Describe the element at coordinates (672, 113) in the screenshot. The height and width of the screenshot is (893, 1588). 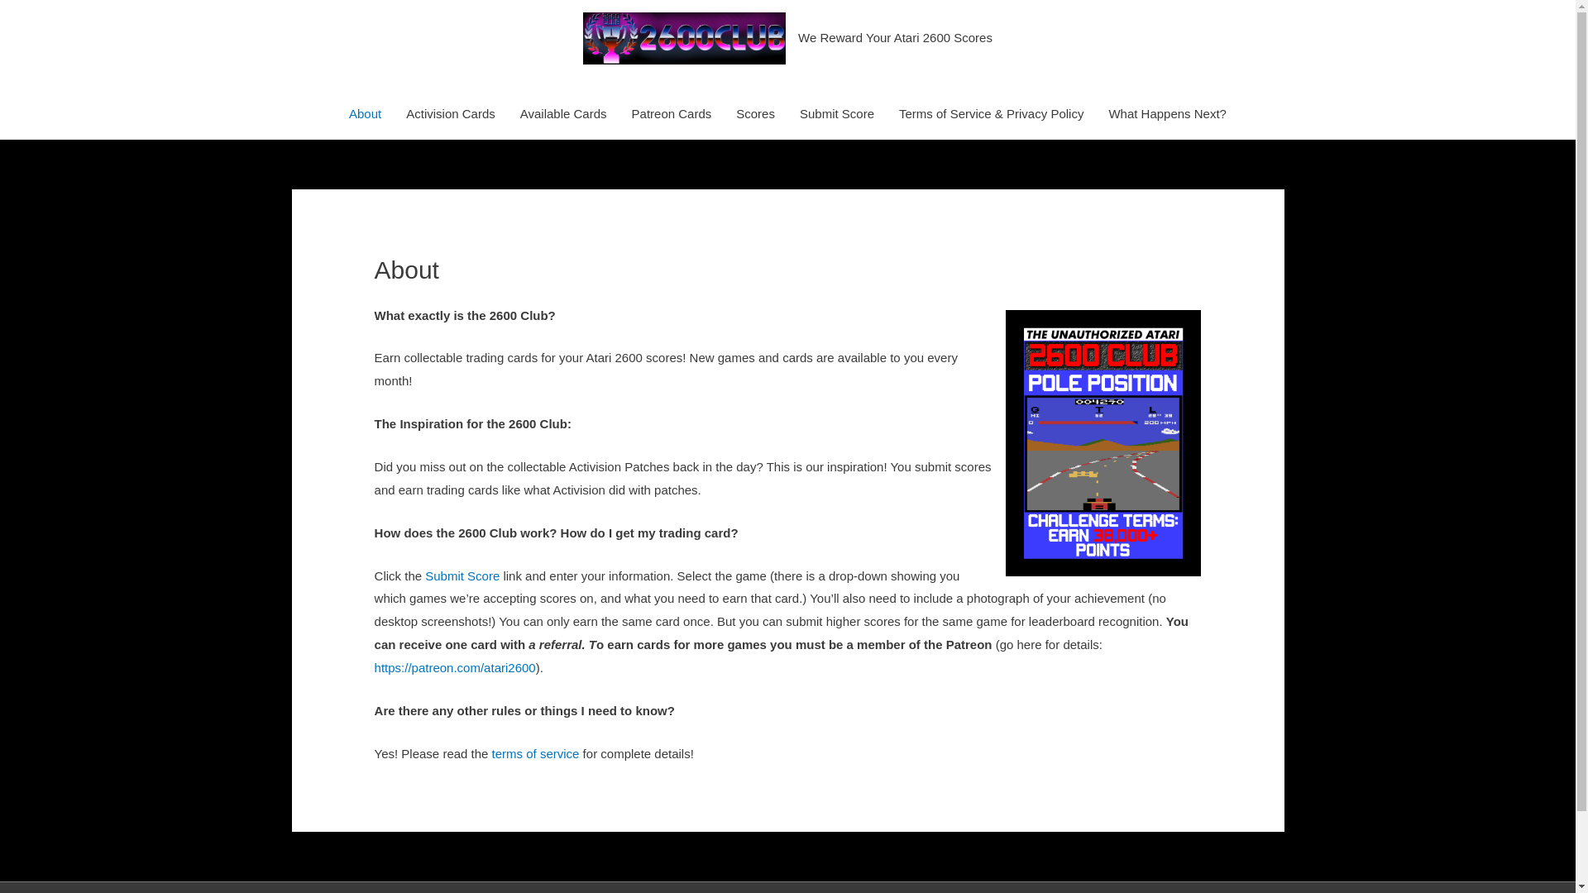
I see `'Patreon Cards'` at that location.